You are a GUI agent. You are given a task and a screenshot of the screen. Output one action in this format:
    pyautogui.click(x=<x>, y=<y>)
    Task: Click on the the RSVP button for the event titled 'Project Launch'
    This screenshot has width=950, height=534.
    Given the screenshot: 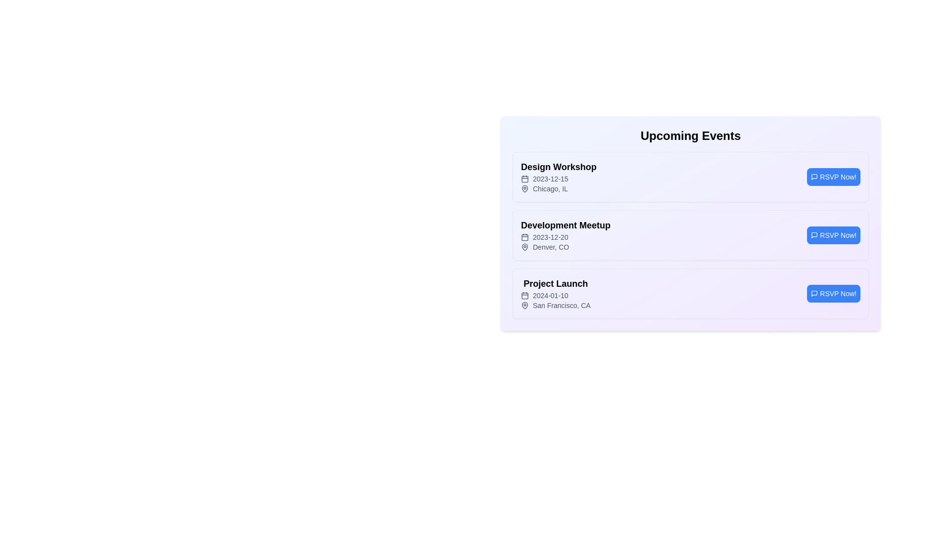 What is the action you would take?
    pyautogui.click(x=833, y=293)
    